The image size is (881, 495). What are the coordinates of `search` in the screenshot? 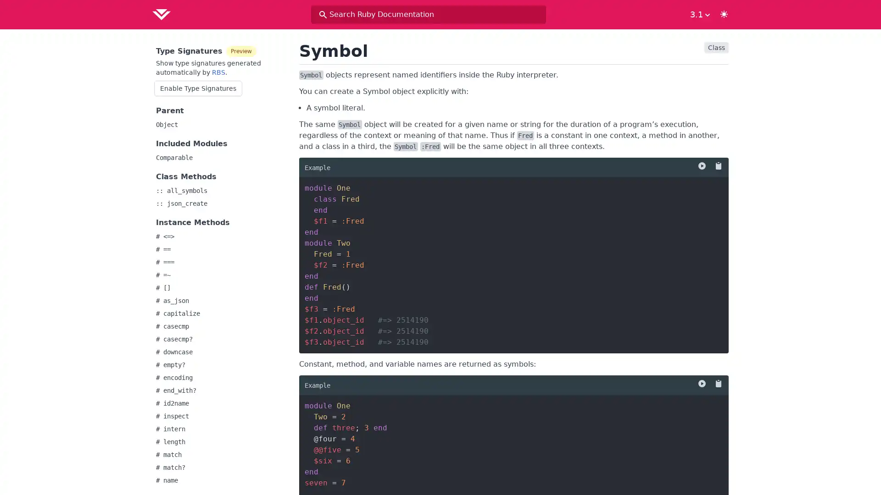 It's located at (323, 14).